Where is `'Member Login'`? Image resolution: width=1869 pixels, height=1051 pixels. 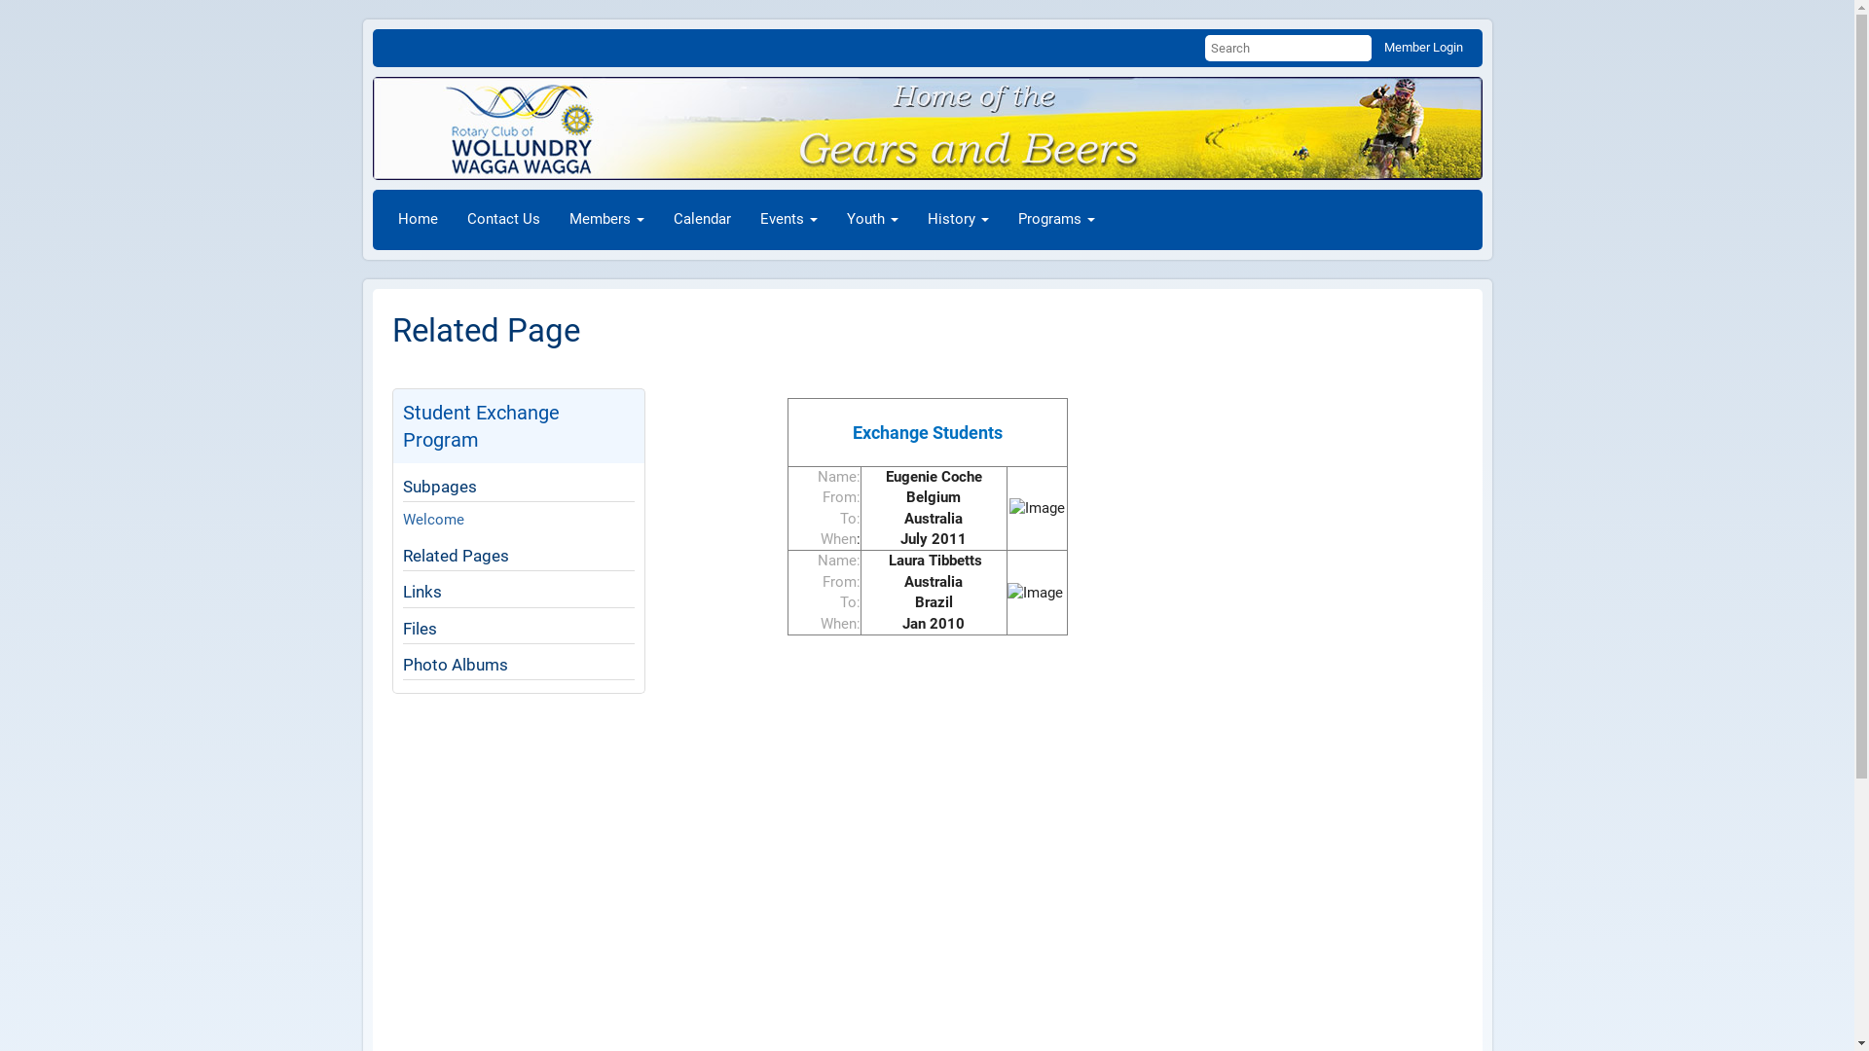 'Member Login' is located at coordinates (1423, 46).